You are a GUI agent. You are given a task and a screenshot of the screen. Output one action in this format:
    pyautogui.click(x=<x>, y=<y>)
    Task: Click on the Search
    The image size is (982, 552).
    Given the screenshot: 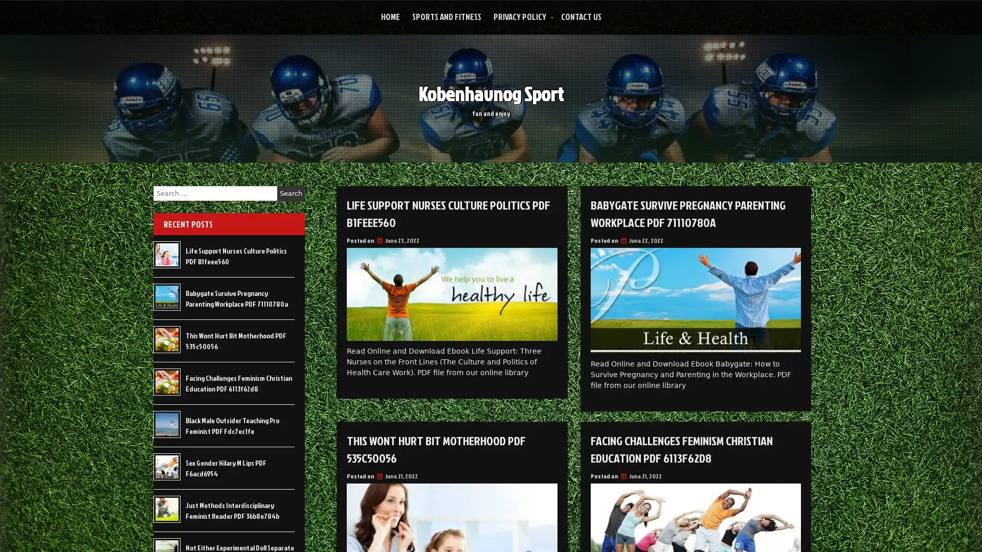 What is the action you would take?
    pyautogui.click(x=291, y=193)
    